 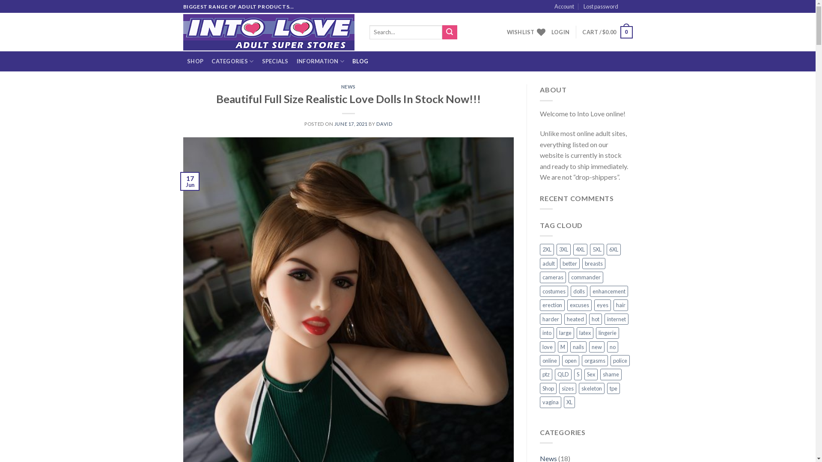 I want to click on 'Sex', so click(x=590, y=374).